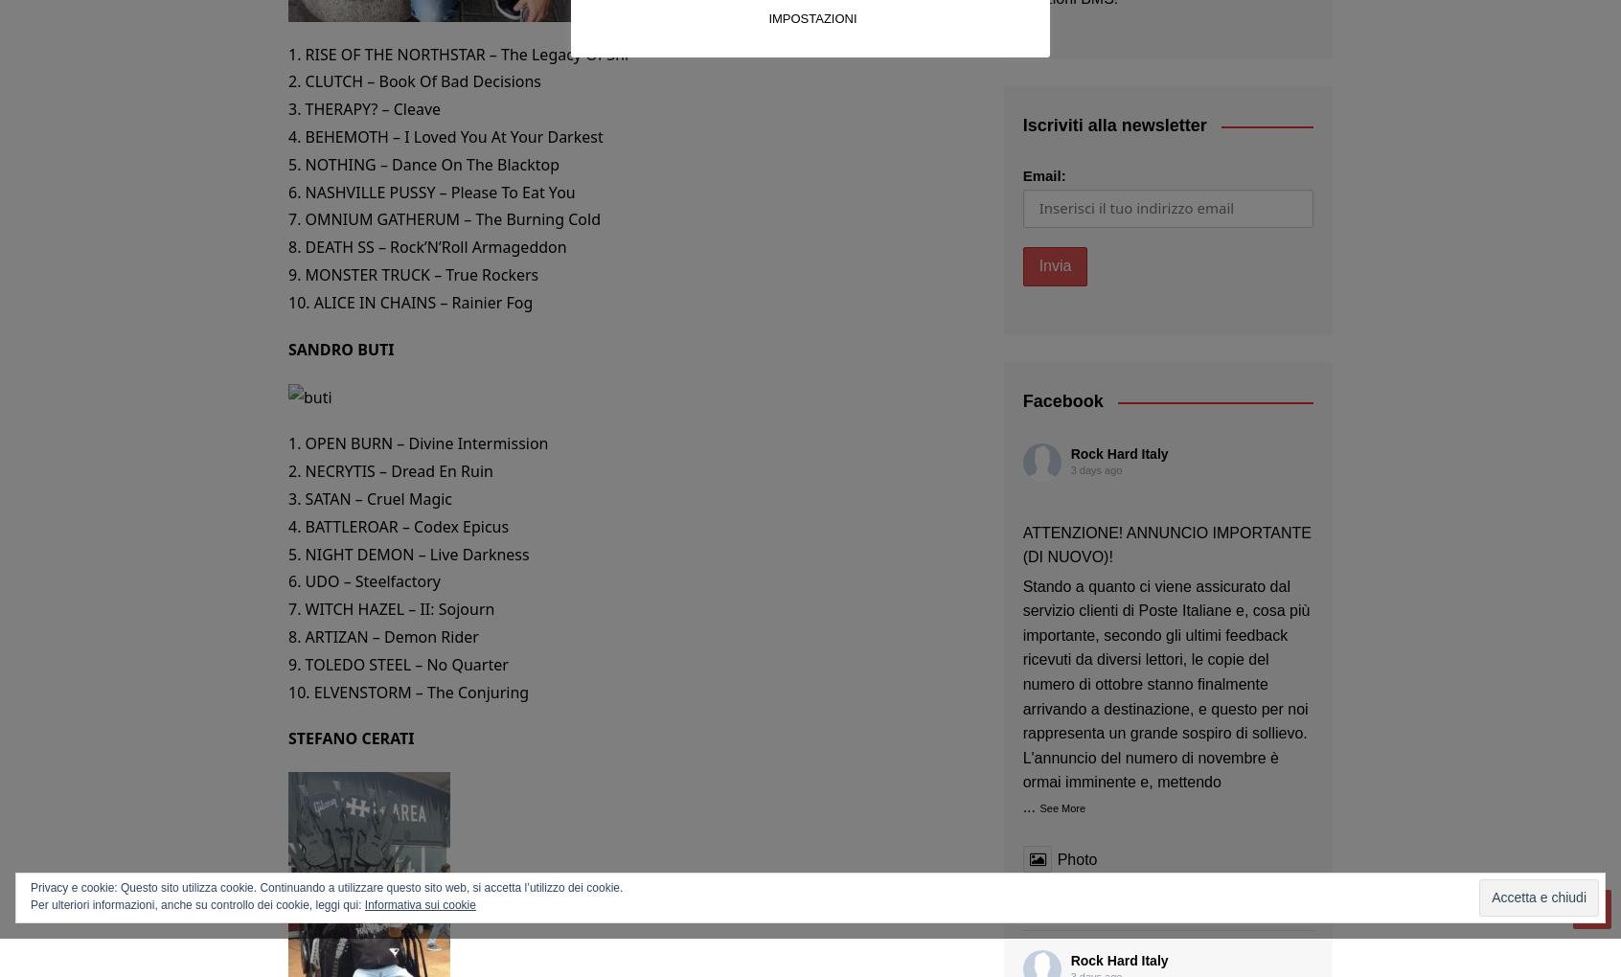 The height and width of the screenshot is (977, 1621). Describe the element at coordinates (391, 607) in the screenshot. I see `'7. WITCH HAZEL – II: Sojourn'` at that location.